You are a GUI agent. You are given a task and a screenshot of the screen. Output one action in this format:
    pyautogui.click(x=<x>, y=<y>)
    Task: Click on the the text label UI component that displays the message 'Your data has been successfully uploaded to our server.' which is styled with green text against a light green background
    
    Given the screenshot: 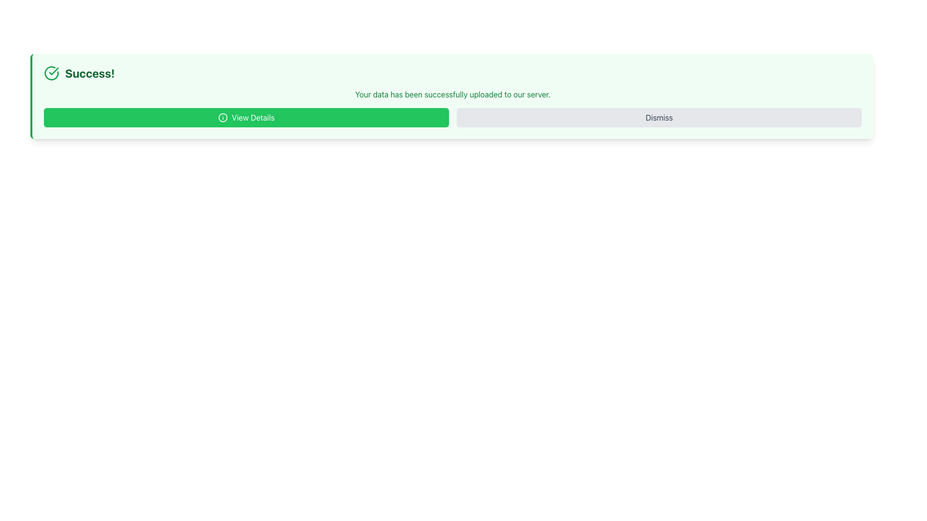 What is the action you would take?
    pyautogui.click(x=452, y=95)
    